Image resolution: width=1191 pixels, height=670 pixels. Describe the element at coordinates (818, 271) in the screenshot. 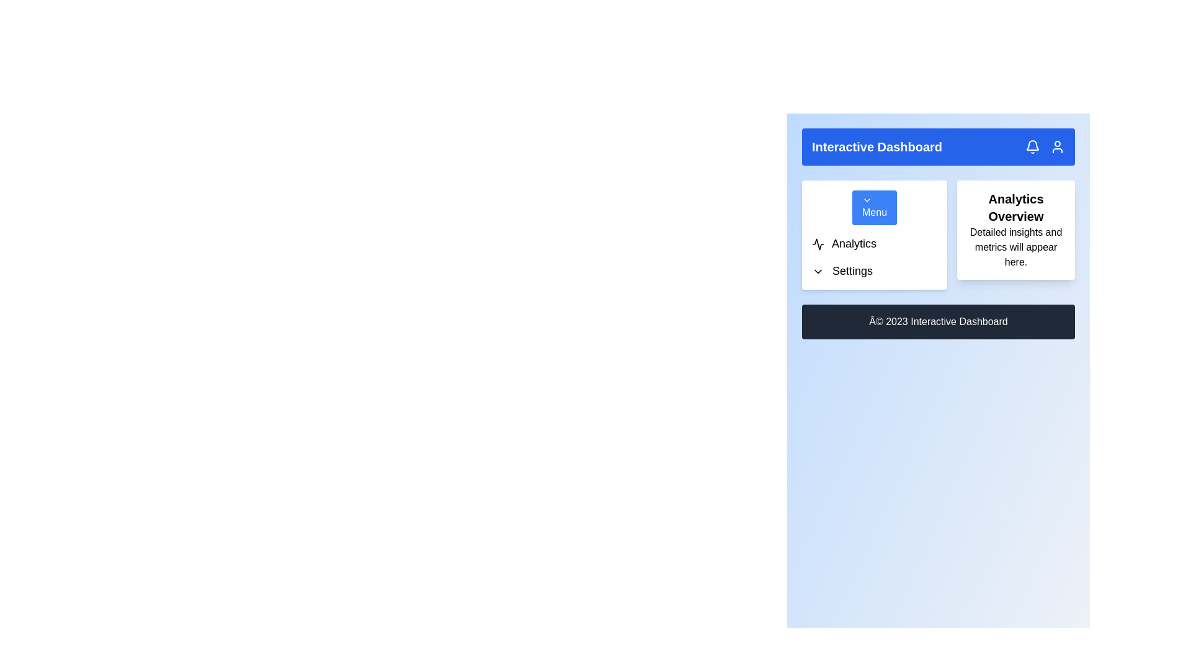

I see `the downward pointing arrow icon of the dropdown indicator located to the left of the 'Settings' text` at that location.